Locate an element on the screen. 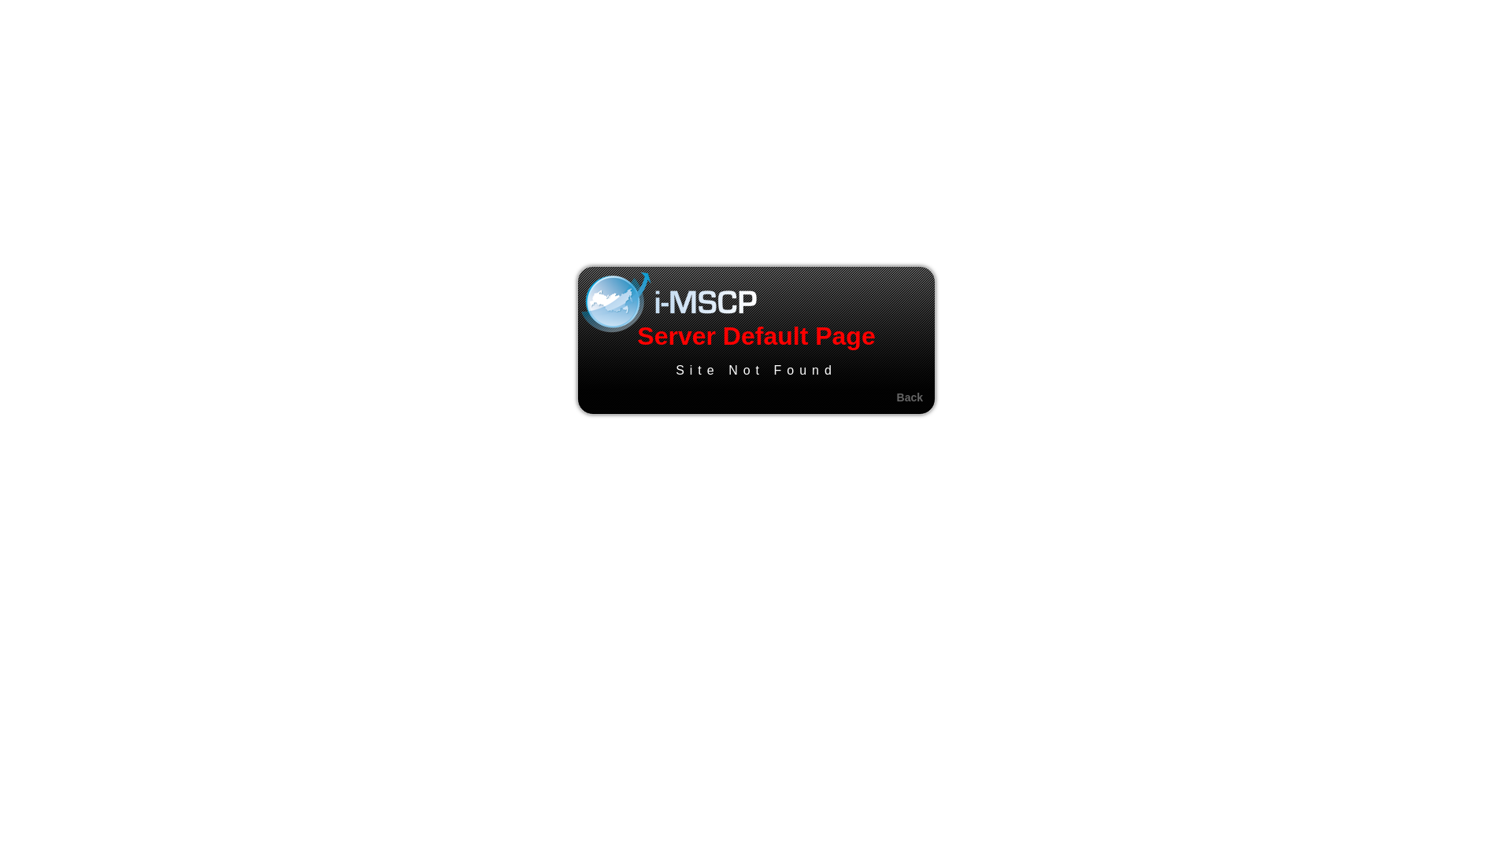  'Back' is located at coordinates (910, 397).